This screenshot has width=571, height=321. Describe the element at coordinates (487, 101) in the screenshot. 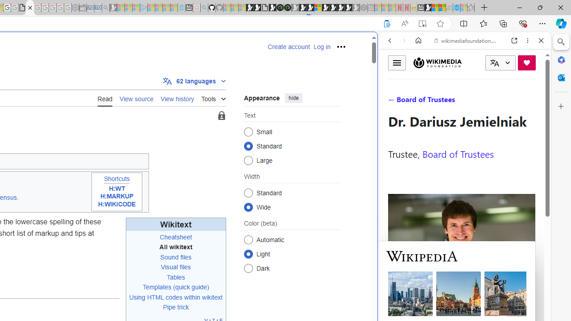

I see `'SEARCH TOOLS'` at that location.